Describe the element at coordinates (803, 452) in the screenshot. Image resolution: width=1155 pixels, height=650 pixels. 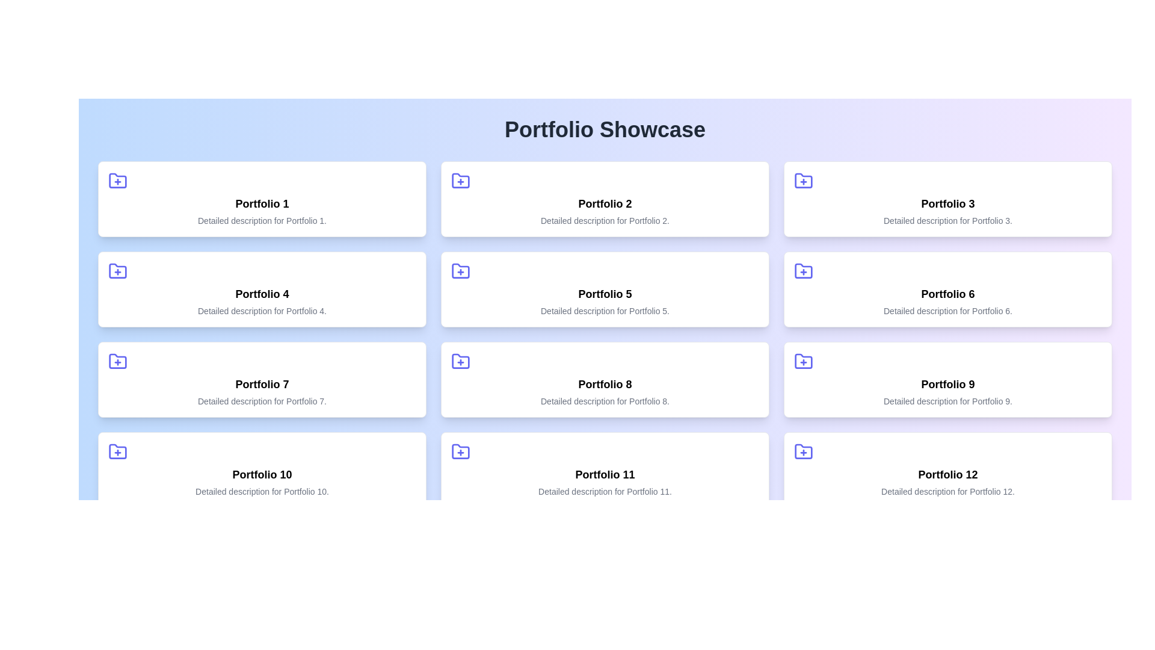
I see `the folder icon with a plus symbol in bold indigo color, located above the text 'Portfolio 12'` at that location.